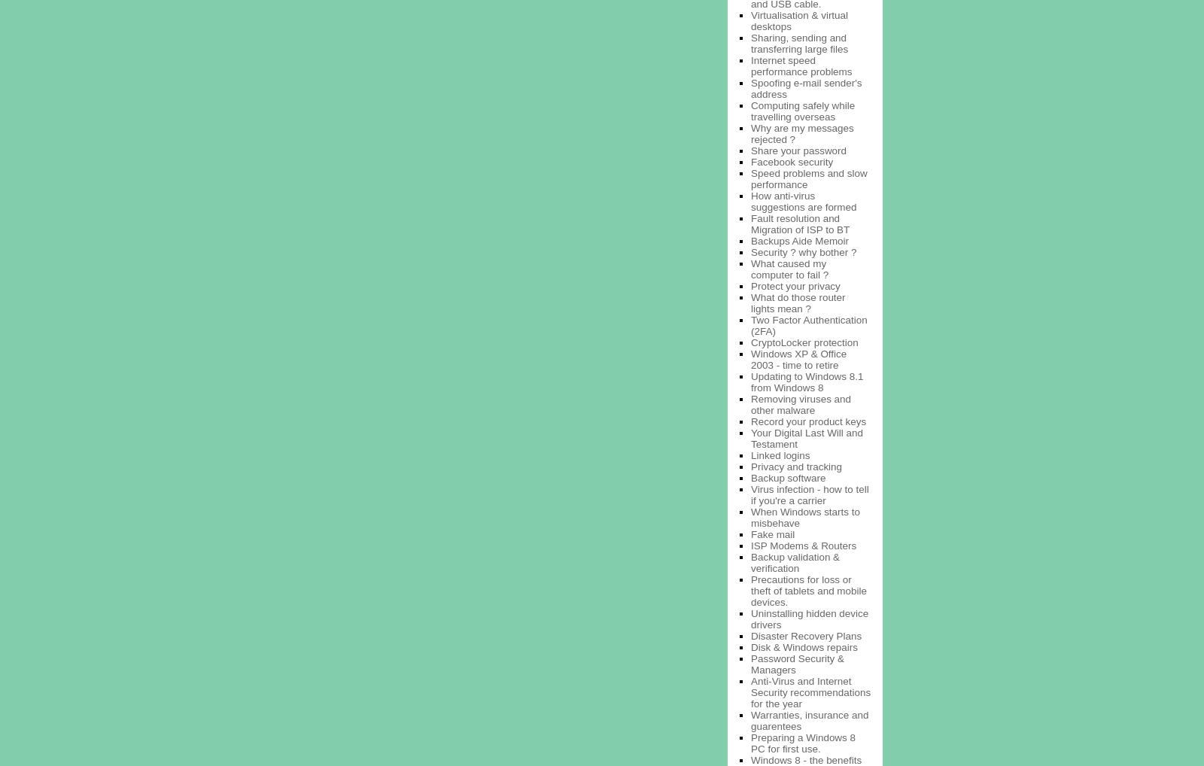 The height and width of the screenshot is (766, 1204). I want to click on 'Record your product keys', so click(808, 420).